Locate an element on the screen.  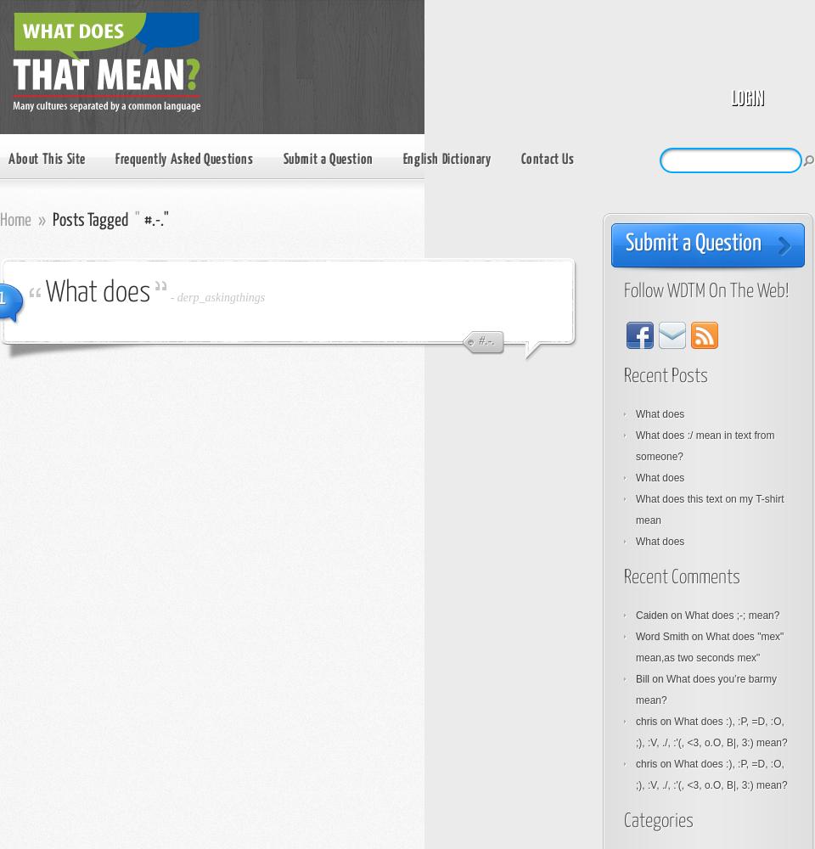
'Submit a Question' is located at coordinates (693, 244).